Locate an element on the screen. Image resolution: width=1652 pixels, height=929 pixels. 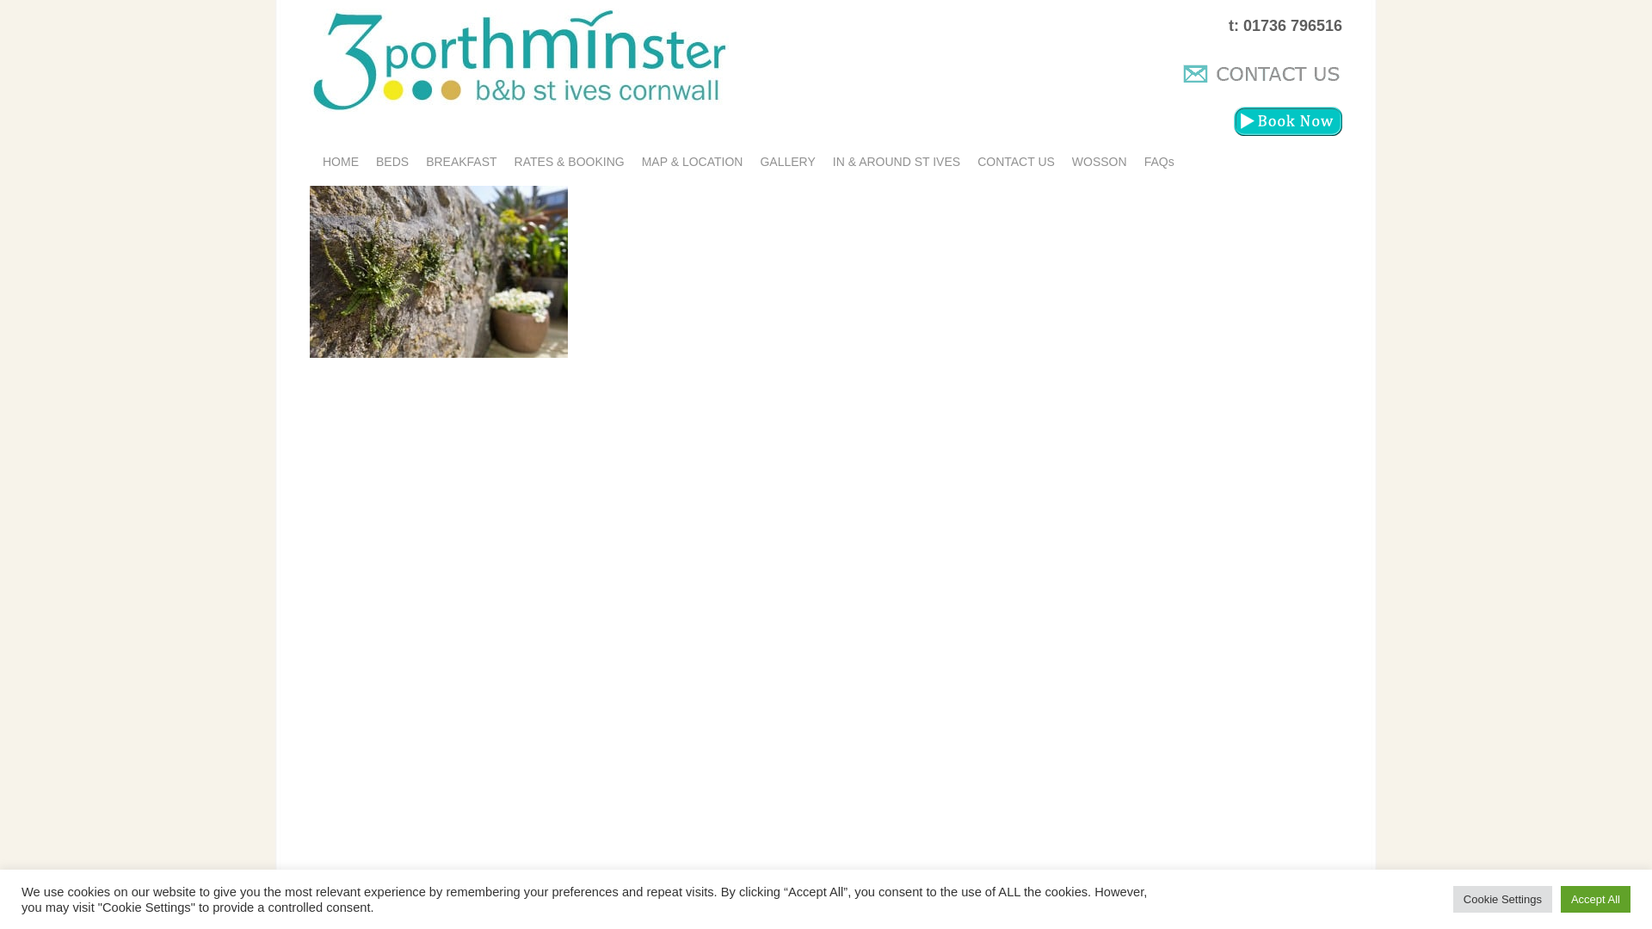
'CONTACT US' is located at coordinates (1015, 162).